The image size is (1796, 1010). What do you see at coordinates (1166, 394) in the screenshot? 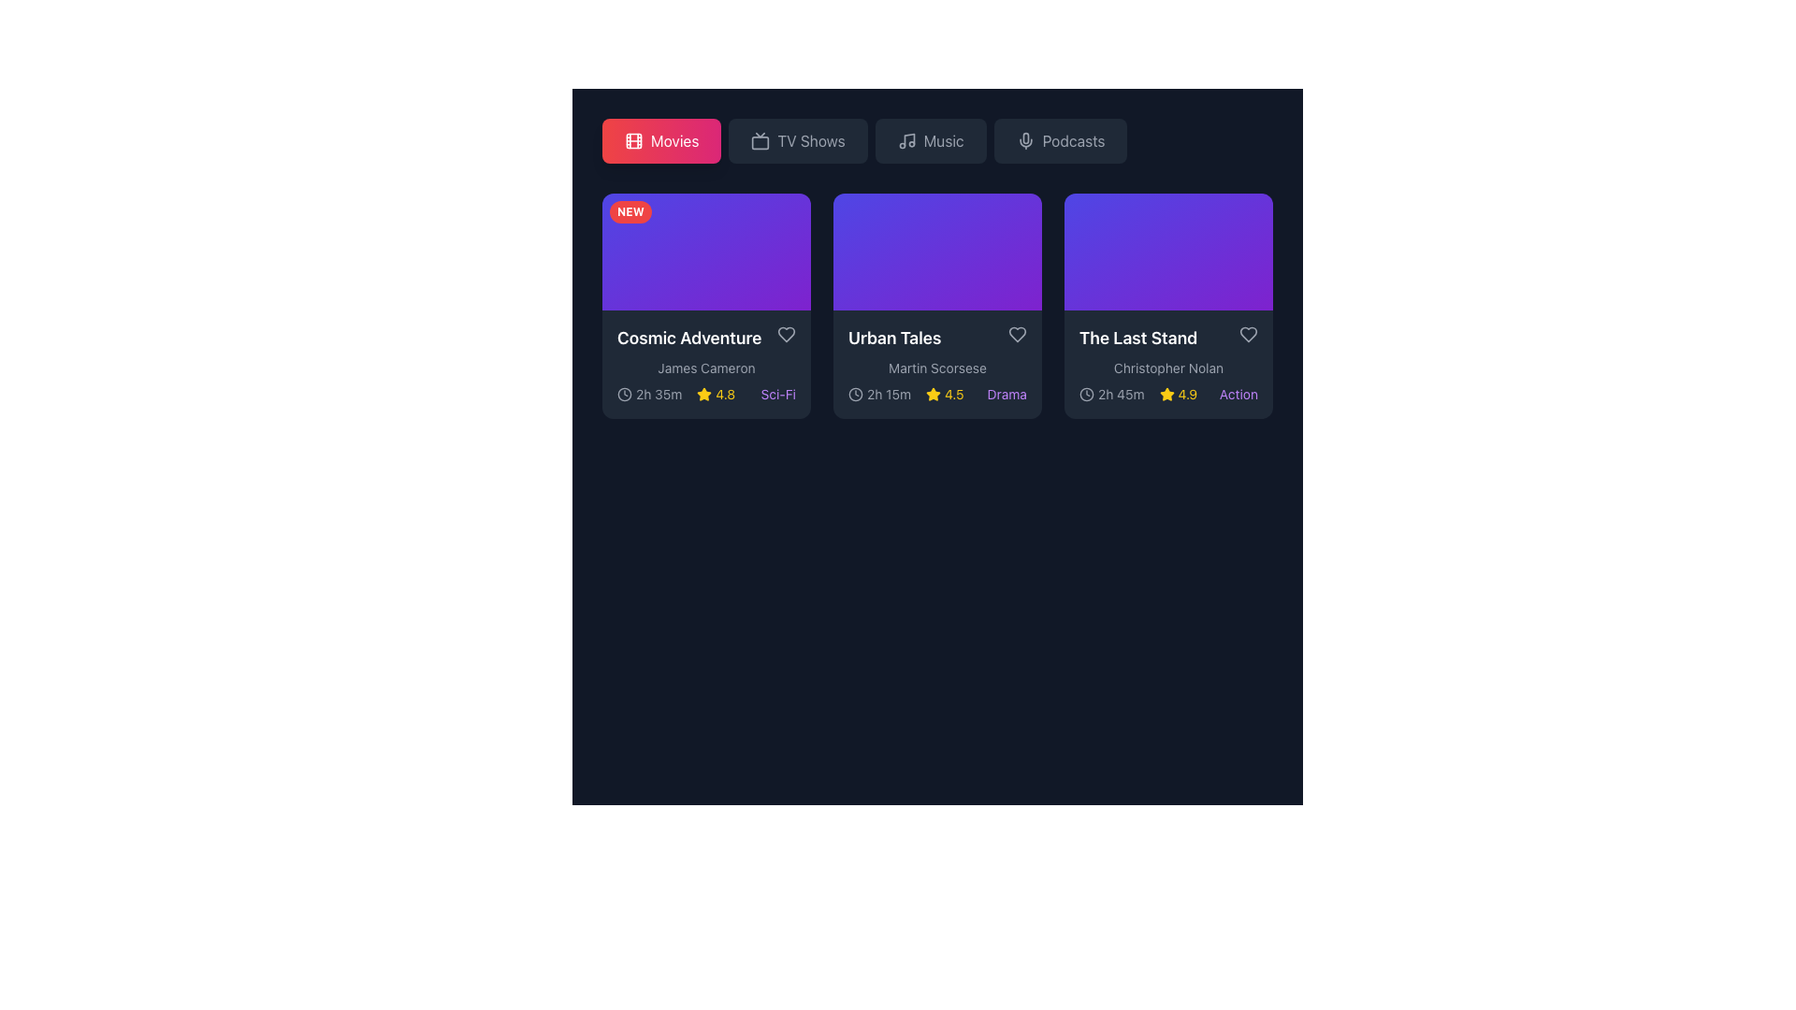
I see `the star icon representing the rating for the movie 'The Last Stand', which is part of a horizontal arrangement with a numeric rating '4.9'` at bounding box center [1166, 394].